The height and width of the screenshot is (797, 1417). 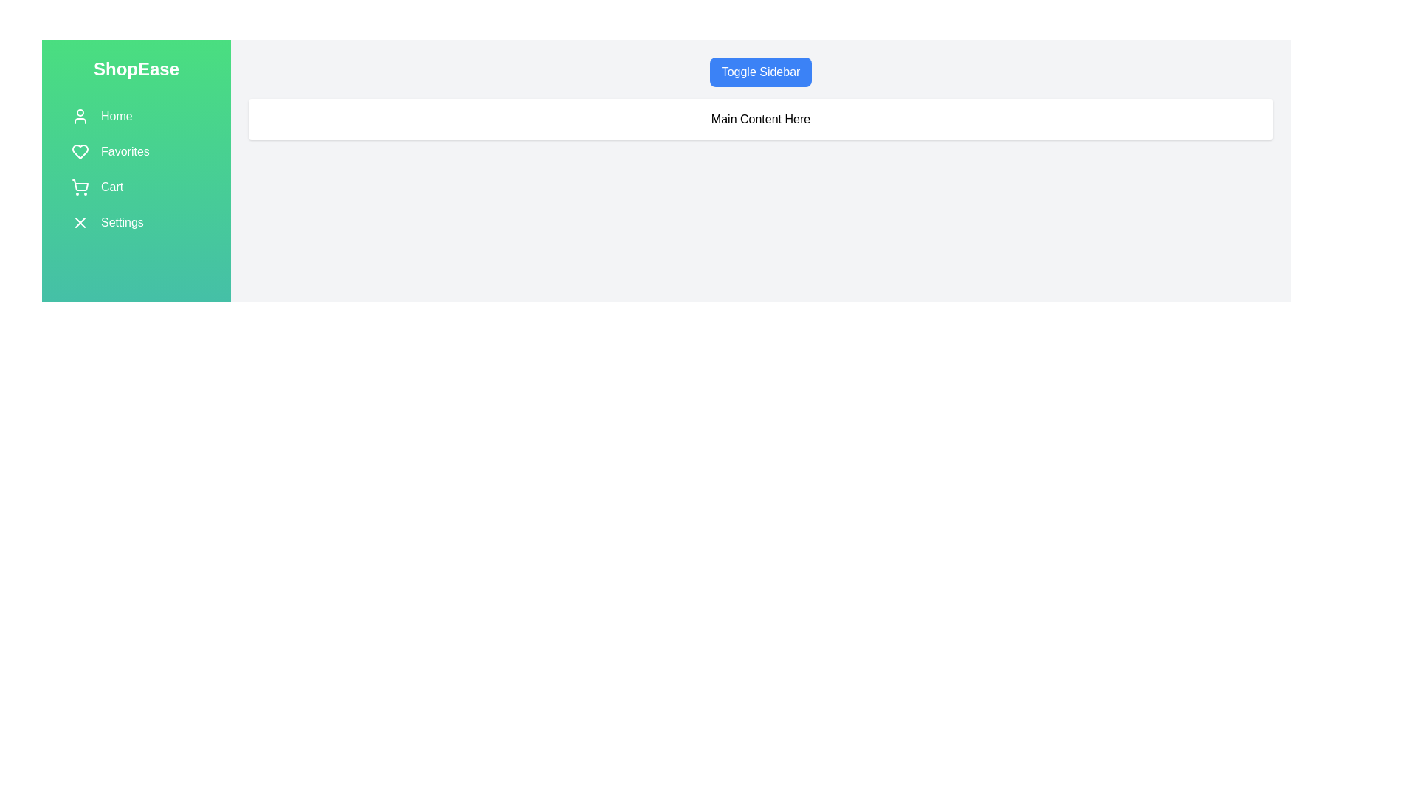 What do you see at coordinates (137, 222) in the screenshot?
I see `the 'Settings' menu item in the sidebar` at bounding box center [137, 222].